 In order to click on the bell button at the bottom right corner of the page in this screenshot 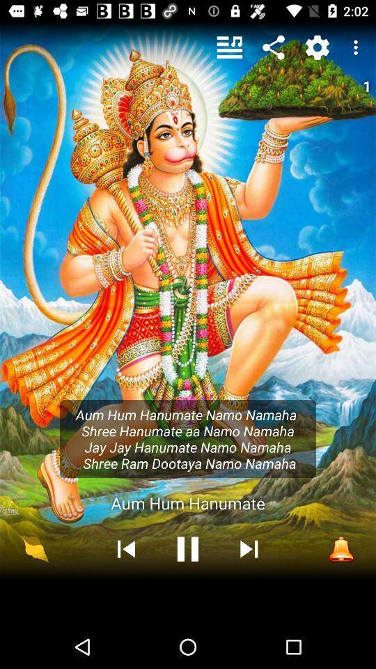, I will do `click(340, 548)`.